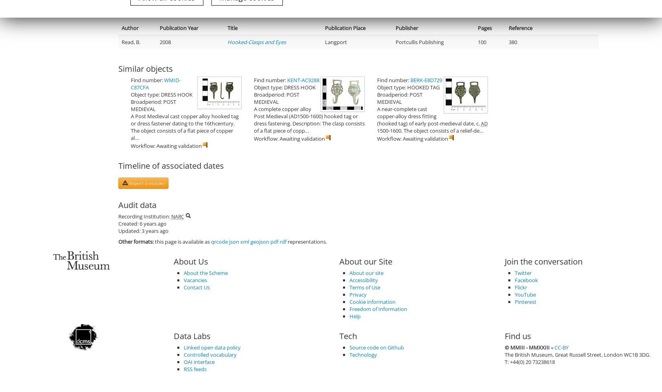 The image size is (662, 392). I want to click on 'AD', so click(484, 123).